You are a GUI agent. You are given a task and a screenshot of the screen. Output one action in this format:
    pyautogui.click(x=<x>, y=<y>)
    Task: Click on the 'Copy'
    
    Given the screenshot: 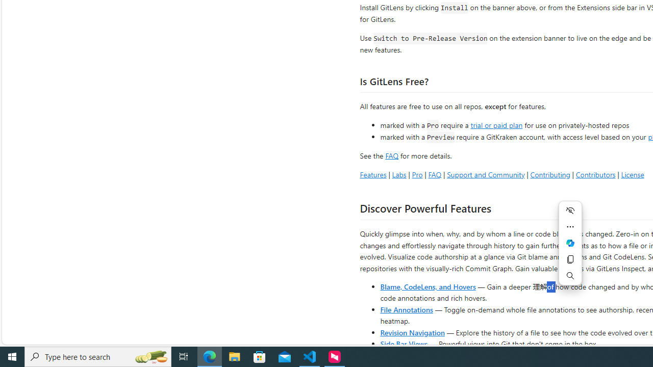 What is the action you would take?
    pyautogui.click(x=570, y=259)
    